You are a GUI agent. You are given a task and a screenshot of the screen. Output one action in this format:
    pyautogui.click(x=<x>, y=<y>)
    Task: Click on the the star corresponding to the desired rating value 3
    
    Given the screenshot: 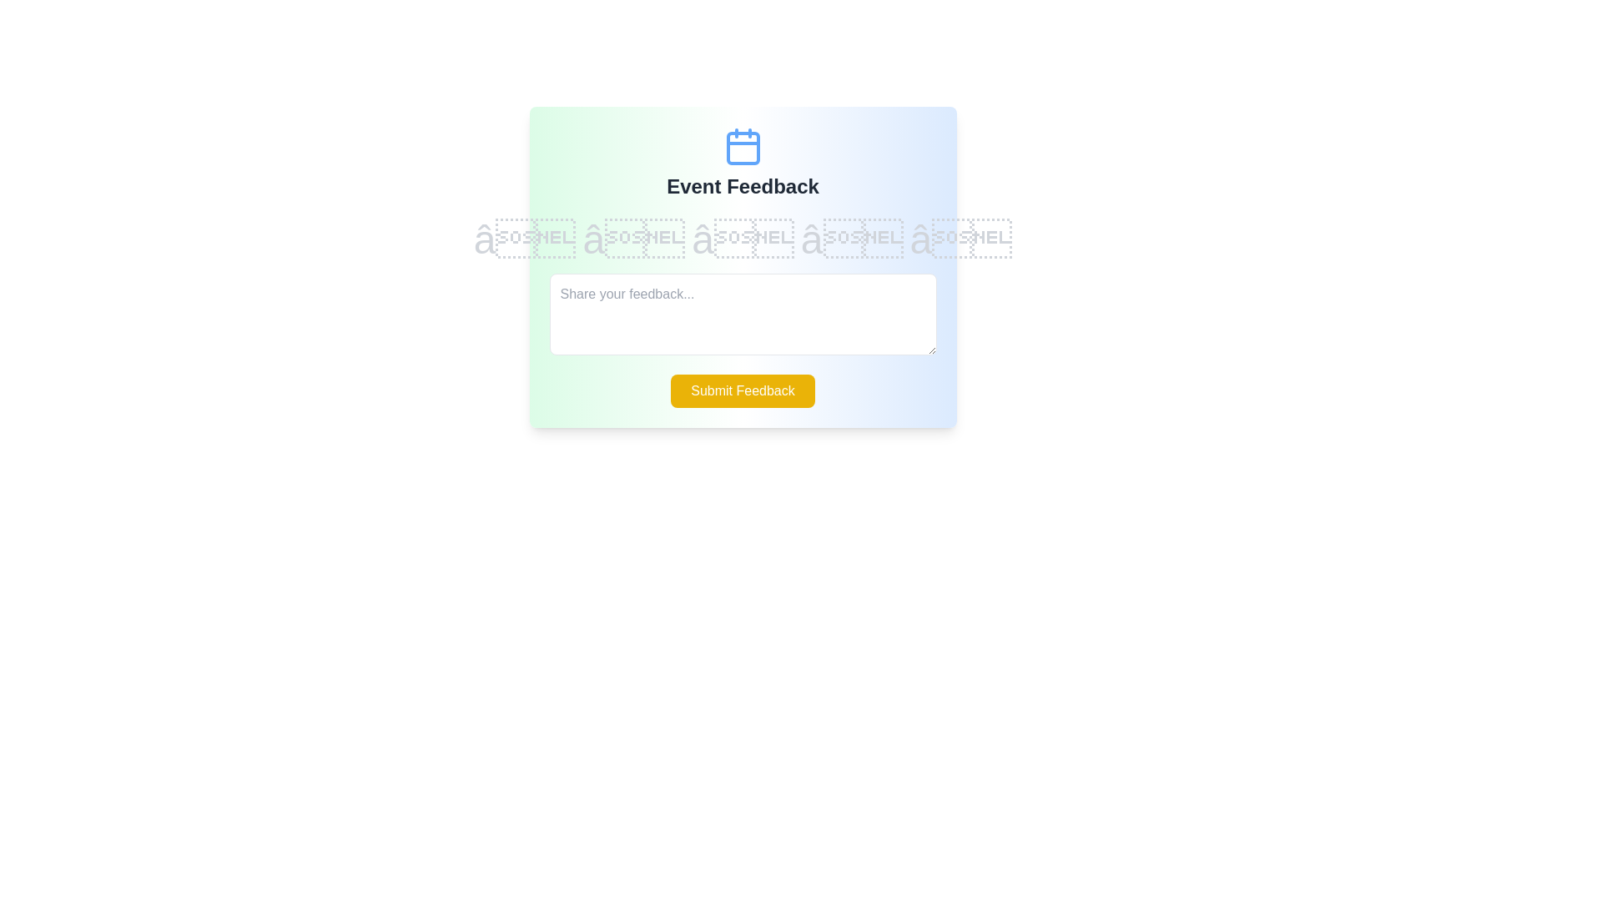 What is the action you would take?
    pyautogui.click(x=742, y=240)
    